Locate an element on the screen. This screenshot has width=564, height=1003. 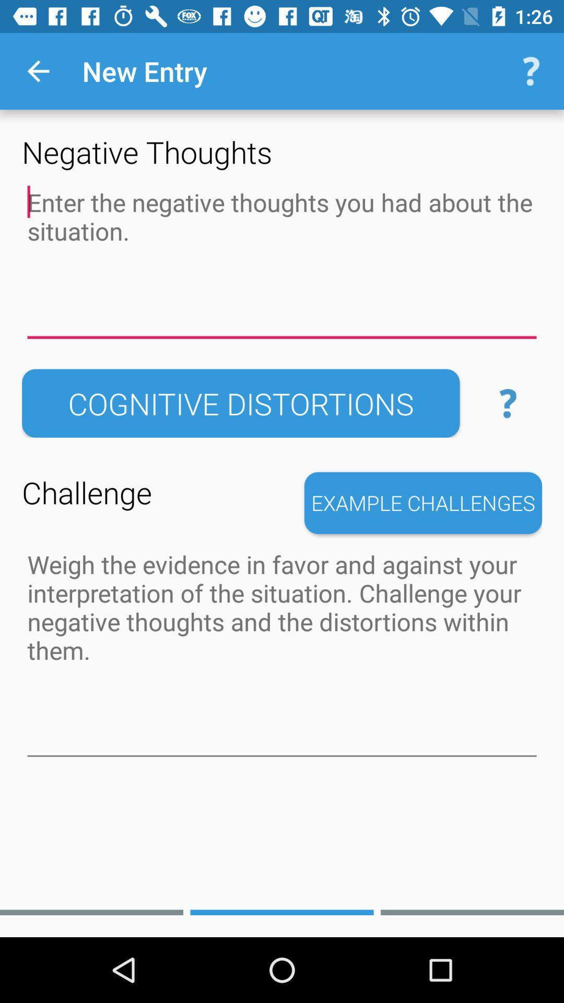
the icon at the top right corner is located at coordinates (531, 71).